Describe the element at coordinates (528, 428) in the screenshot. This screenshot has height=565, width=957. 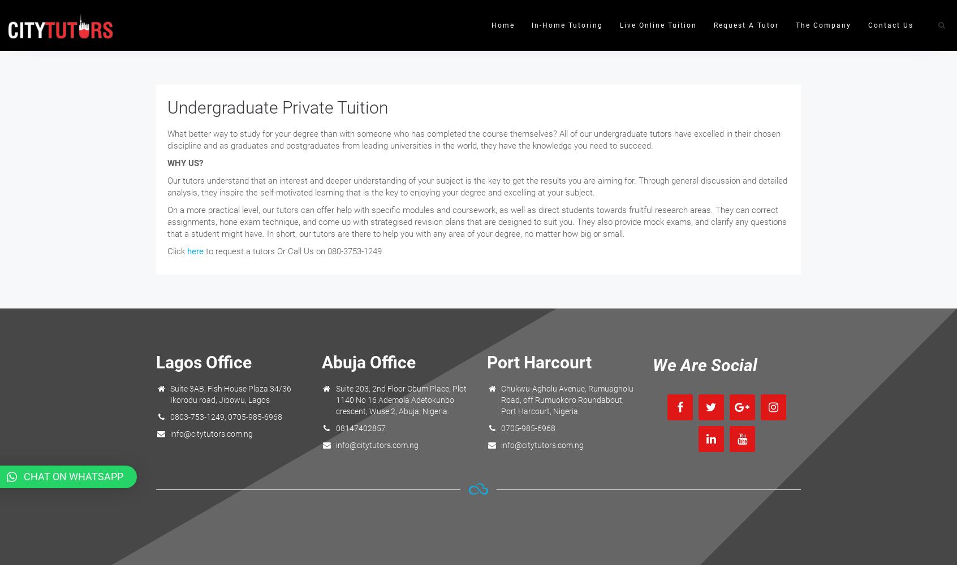
I see `'0705-985-6968'` at that location.